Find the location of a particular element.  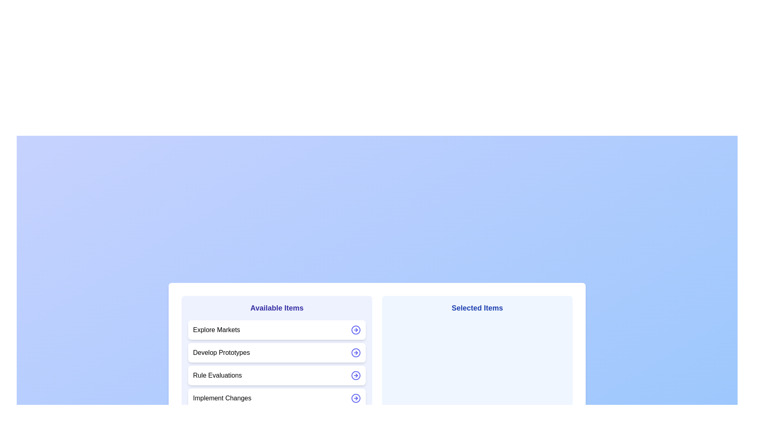

the 'Explore Markets' item in the Available Items list is located at coordinates (277, 330).